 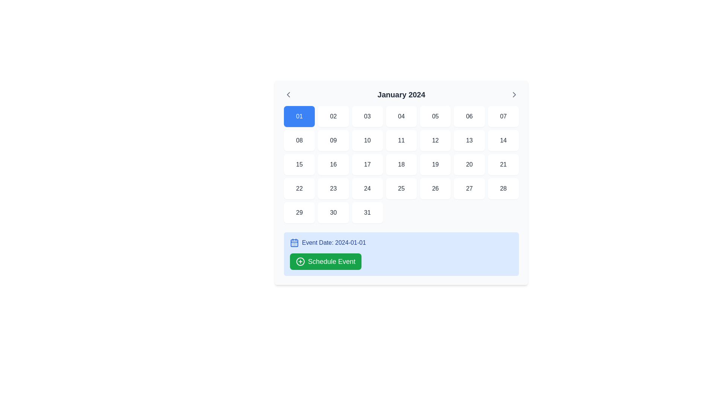 What do you see at coordinates (367, 141) in the screenshot?
I see `the calendar button representing the day '10' in the January 2024 calendar` at bounding box center [367, 141].